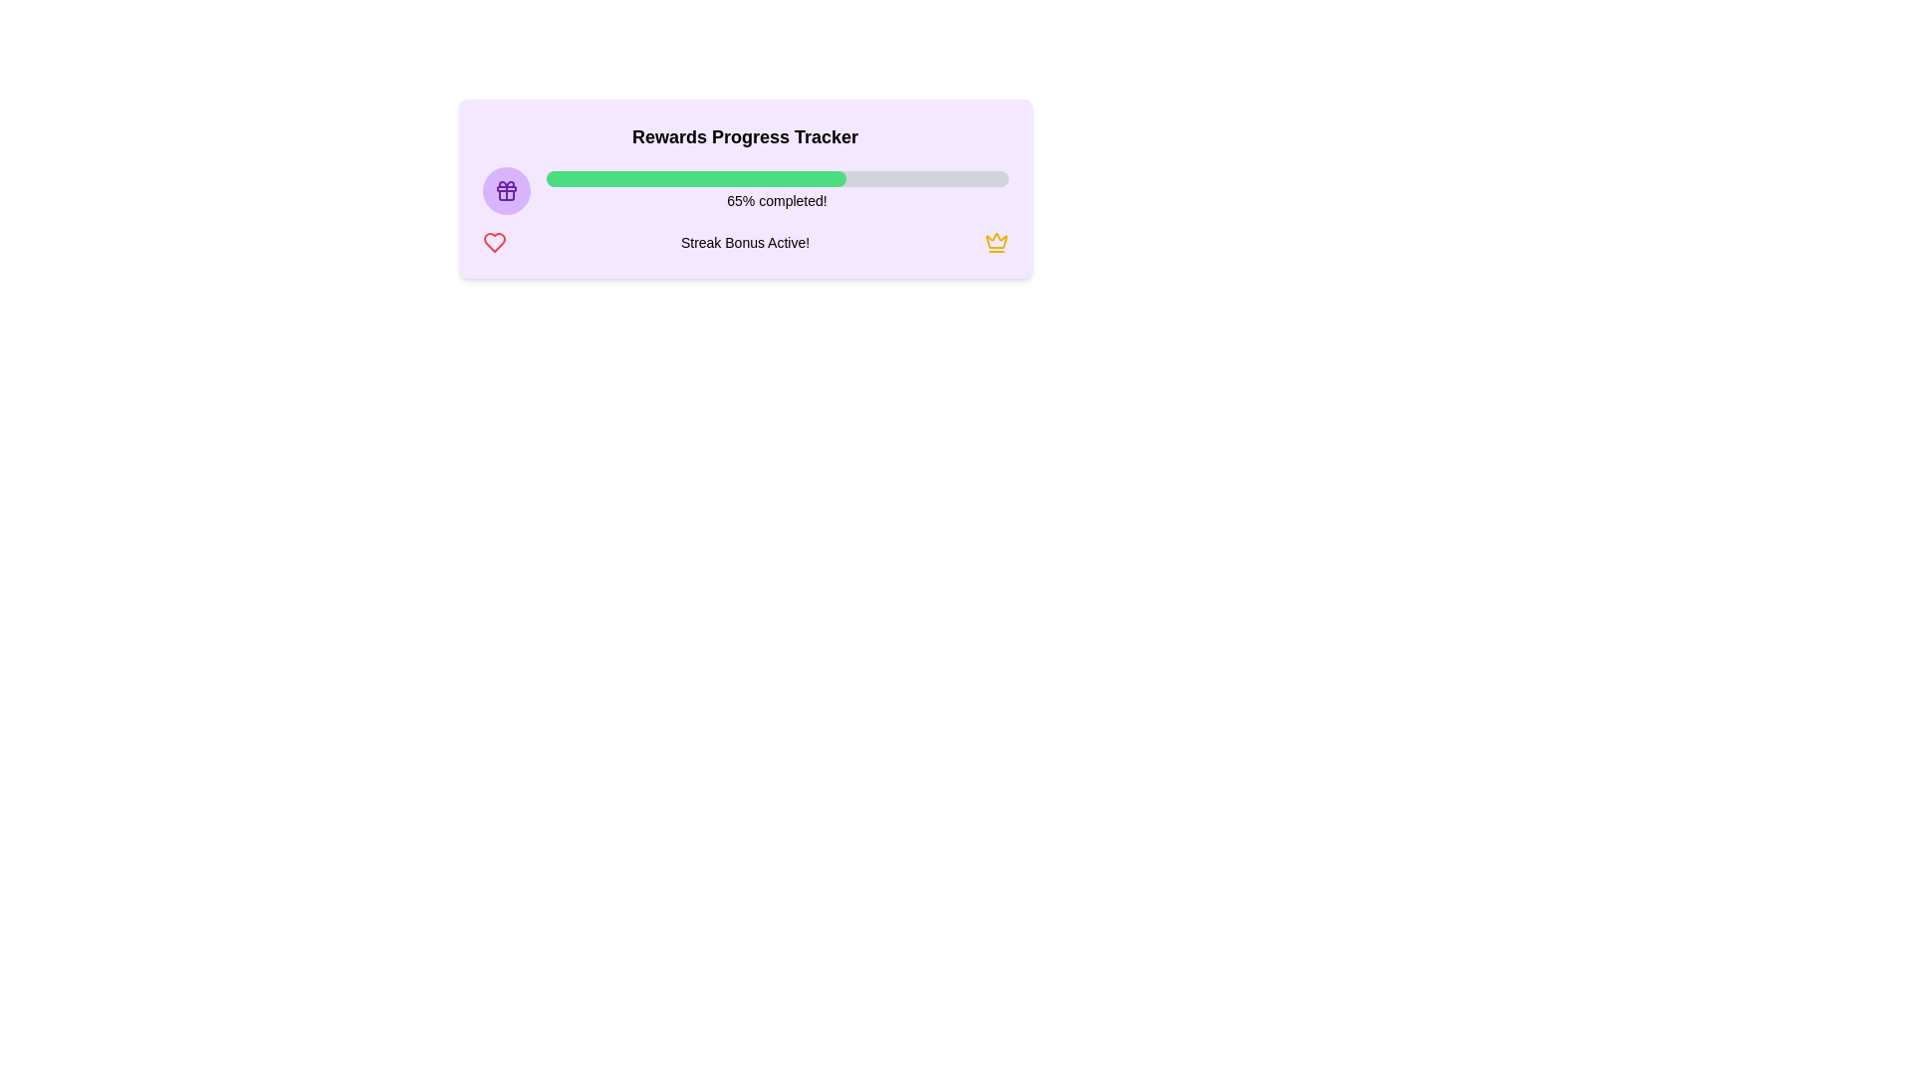 The image size is (1912, 1075). I want to click on the progress bar indicating 65% completion, which is centrally located under the title 'Rewards Progress Tracker' and above the label 'Streak Bonus Active!', so click(776, 191).